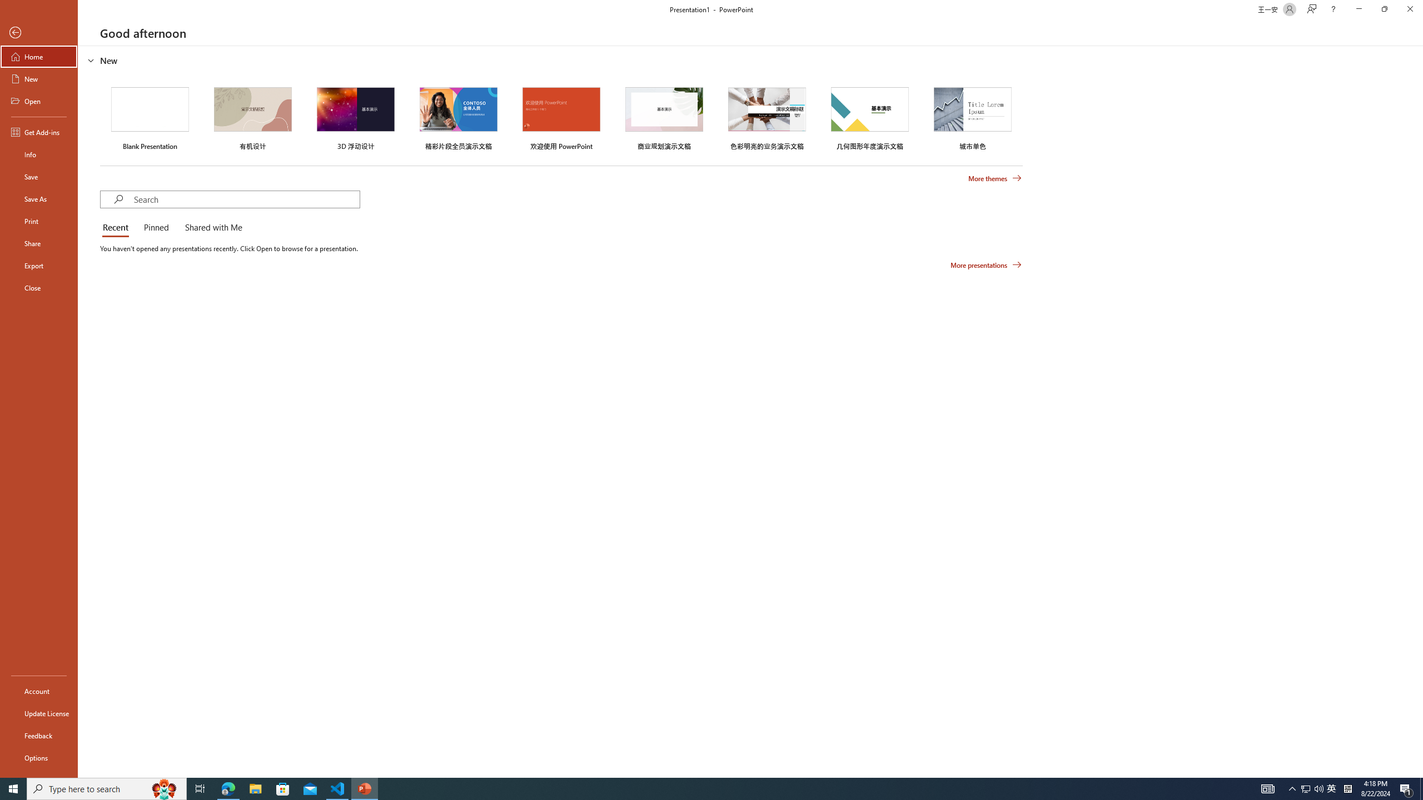 Image resolution: width=1423 pixels, height=800 pixels. I want to click on 'Recent', so click(117, 228).